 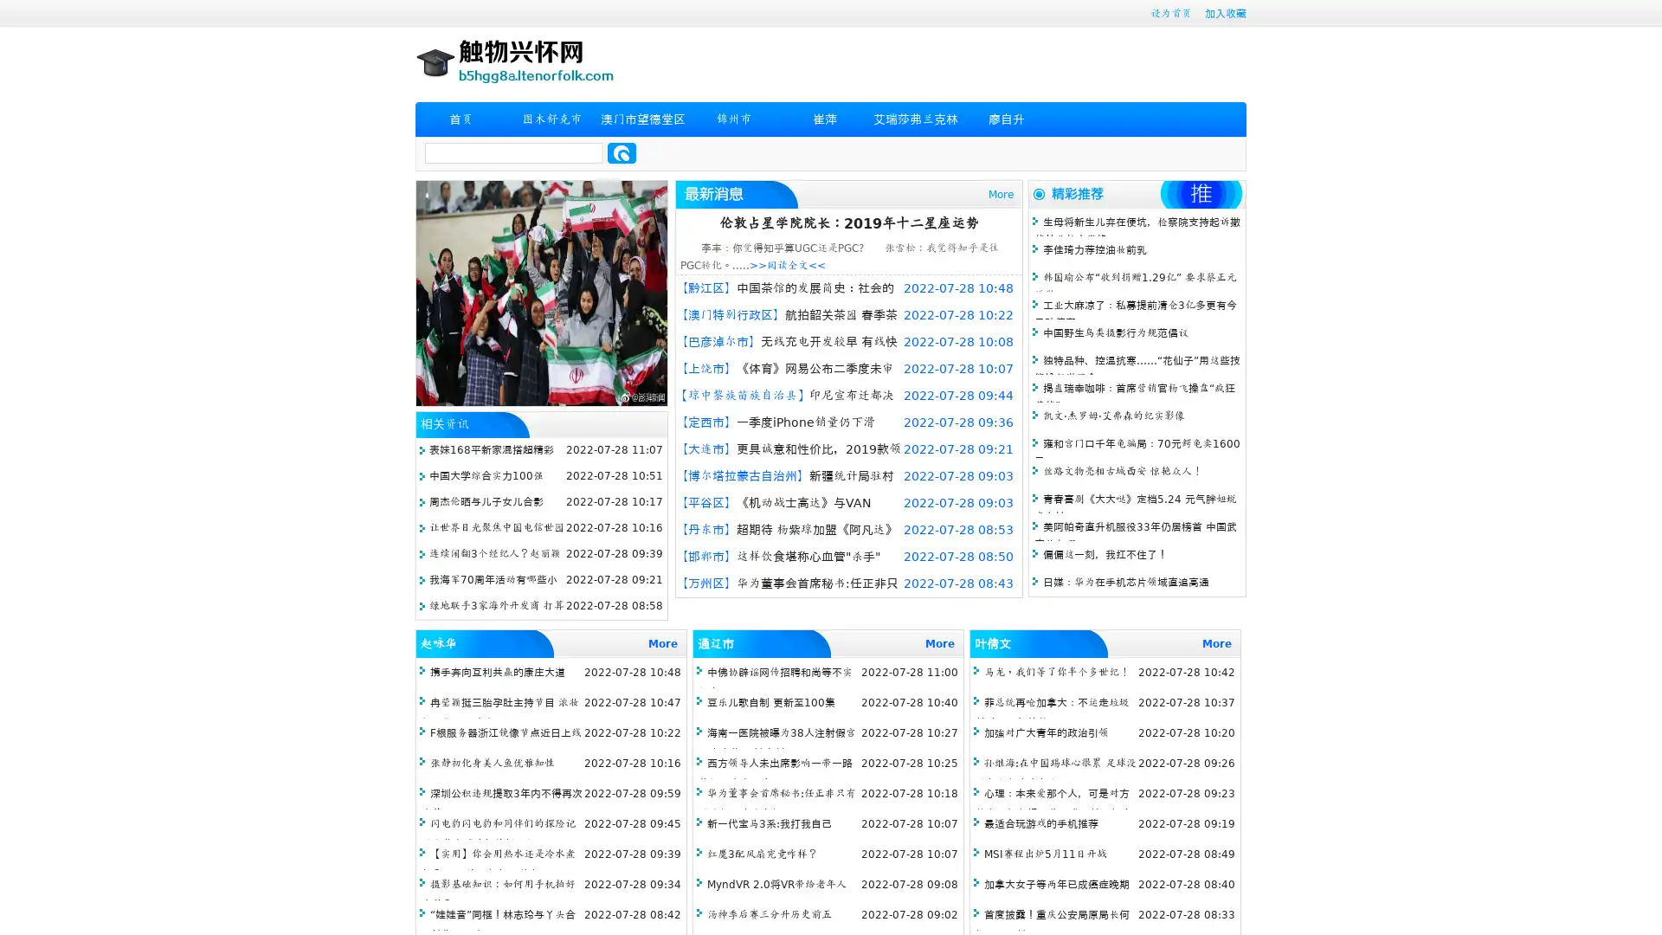 What do you see at coordinates (622, 152) in the screenshot?
I see `Search` at bounding box center [622, 152].